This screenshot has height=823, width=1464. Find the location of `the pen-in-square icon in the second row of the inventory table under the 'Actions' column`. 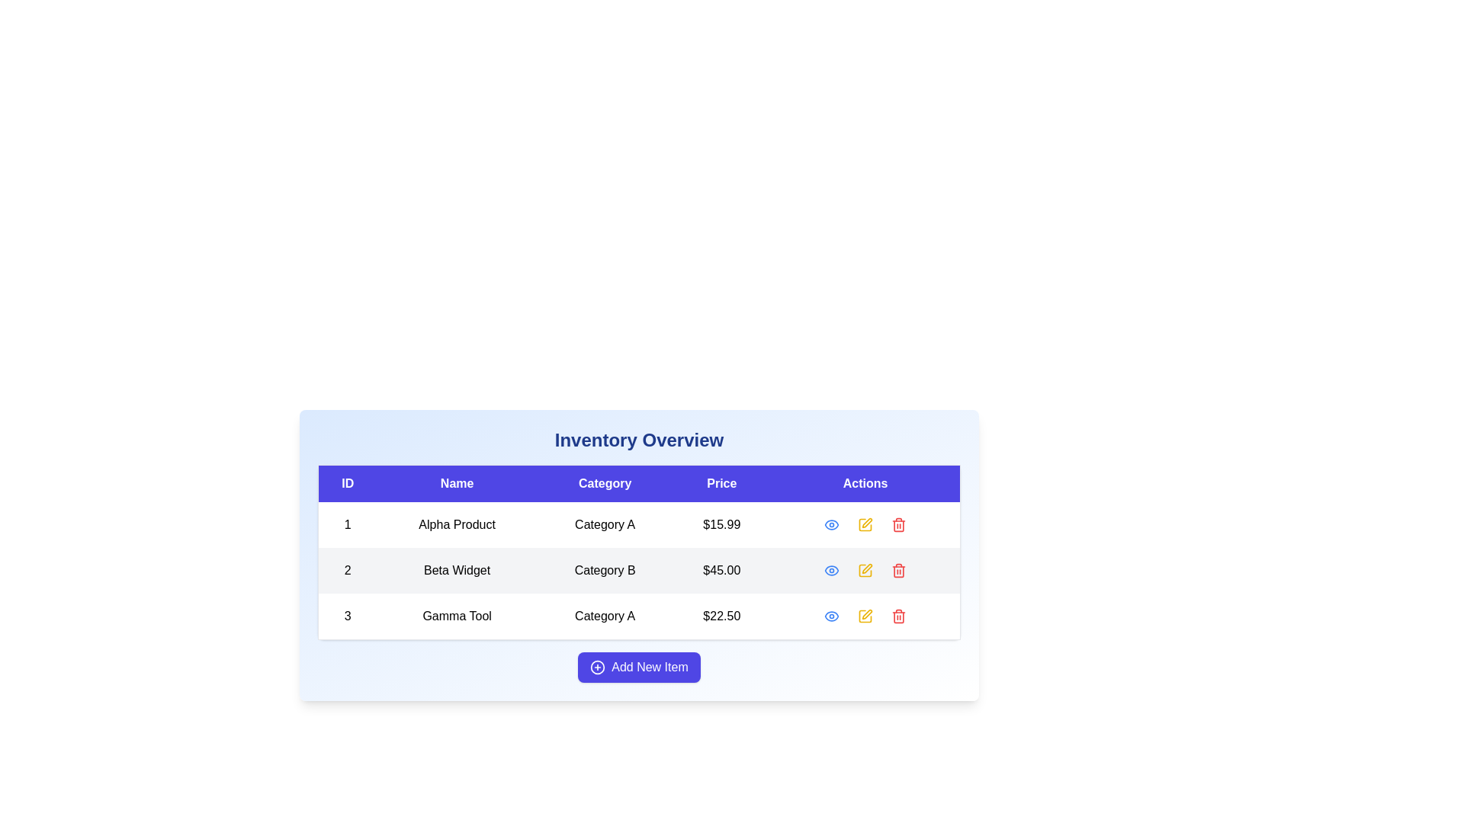

the pen-in-square icon in the second row of the inventory table under the 'Actions' column is located at coordinates (865, 570).